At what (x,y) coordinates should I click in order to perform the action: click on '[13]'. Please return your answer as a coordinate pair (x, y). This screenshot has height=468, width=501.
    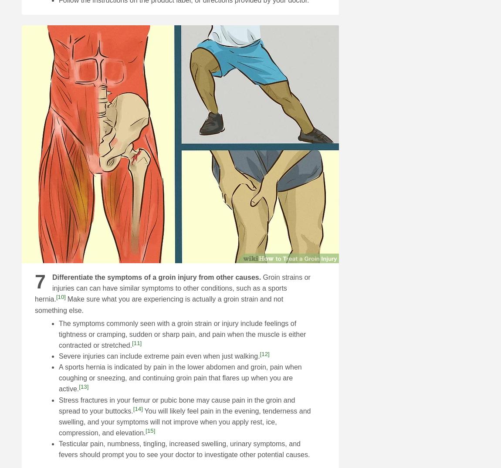
    Looking at the image, I should click on (78, 386).